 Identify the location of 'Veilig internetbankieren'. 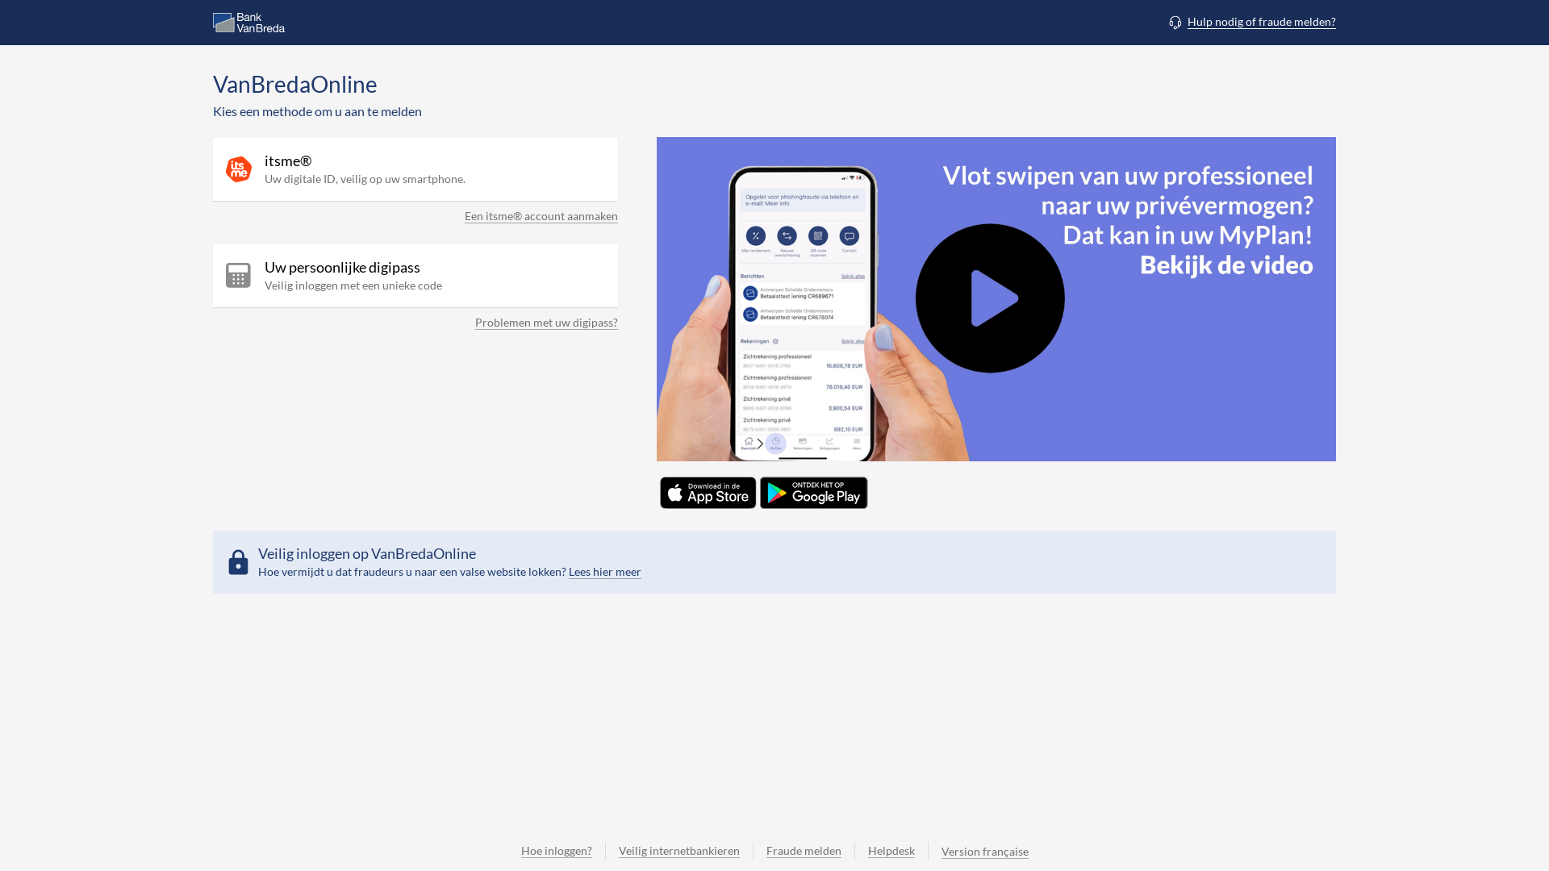
(678, 850).